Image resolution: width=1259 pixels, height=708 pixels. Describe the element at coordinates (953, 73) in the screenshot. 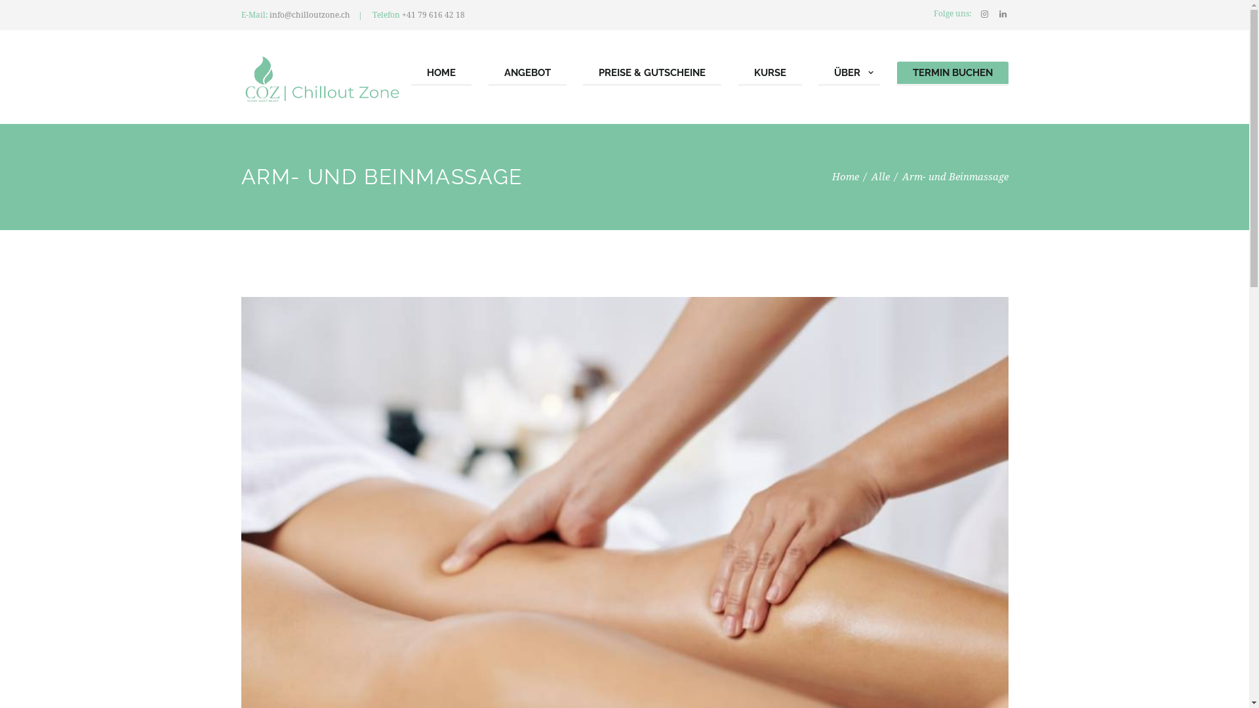

I see `'TERMIN BUCHEN'` at that location.